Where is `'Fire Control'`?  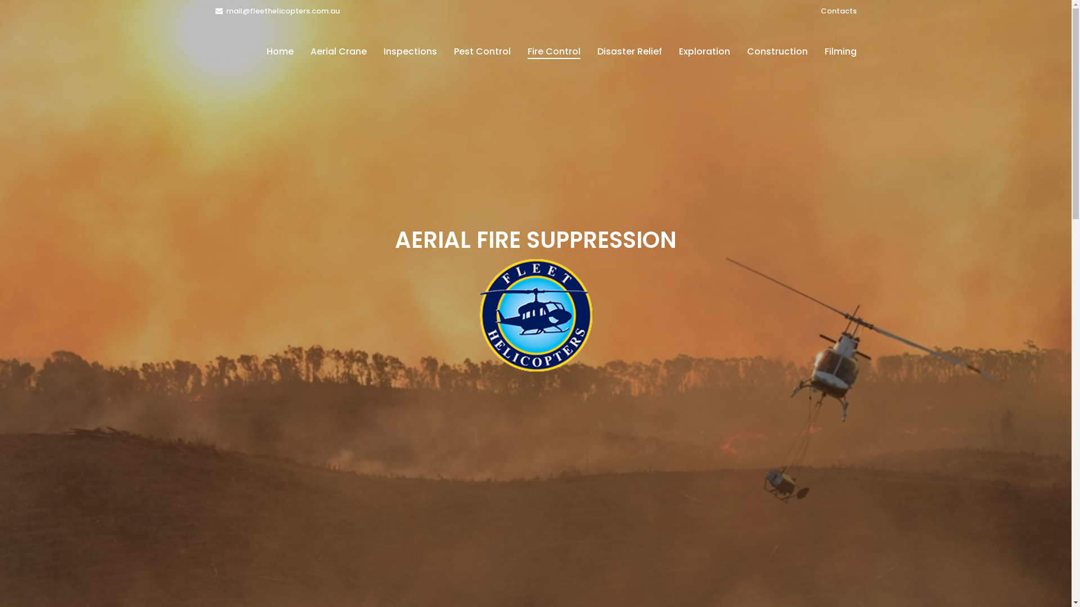 'Fire Control' is located at coordinates (553, 52).